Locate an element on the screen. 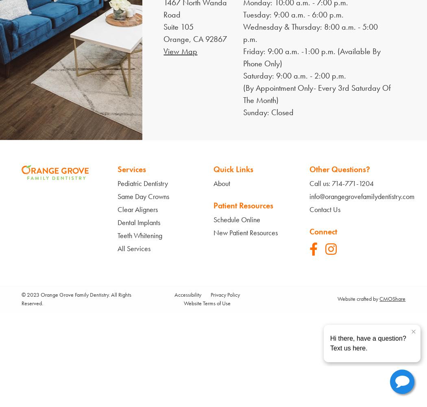  '(By Appointment Only- Every 3rd Saturday Of The Month)' is located at coordinates (316, 94).